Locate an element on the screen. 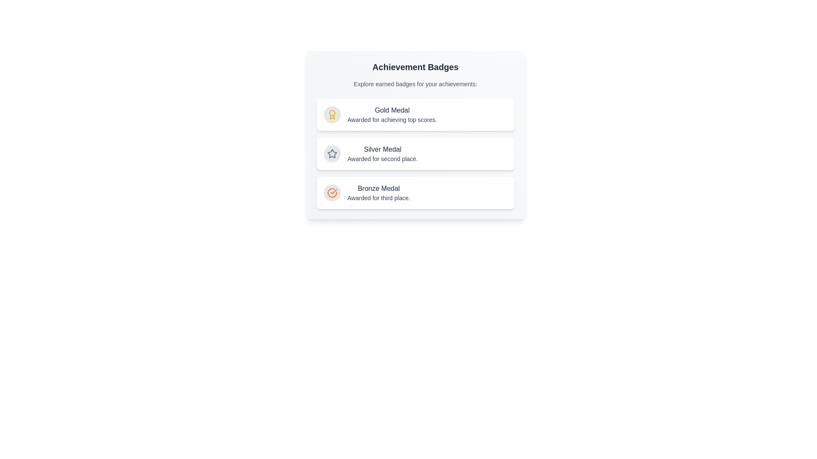 The height and width of the screenshot is (459, 817). the circular gray icon with a star symbol, located to the left of the 'Silver Medal' section, just before the text 'Silver Medal Awarded for second place.' is located at coordinates (331, 154).